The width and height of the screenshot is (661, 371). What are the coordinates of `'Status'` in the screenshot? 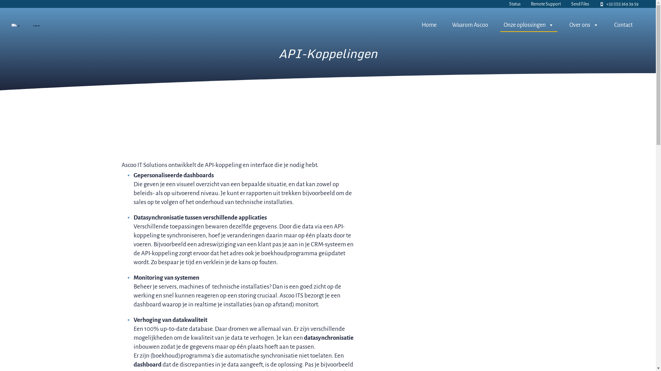 It's located at (515, 4).